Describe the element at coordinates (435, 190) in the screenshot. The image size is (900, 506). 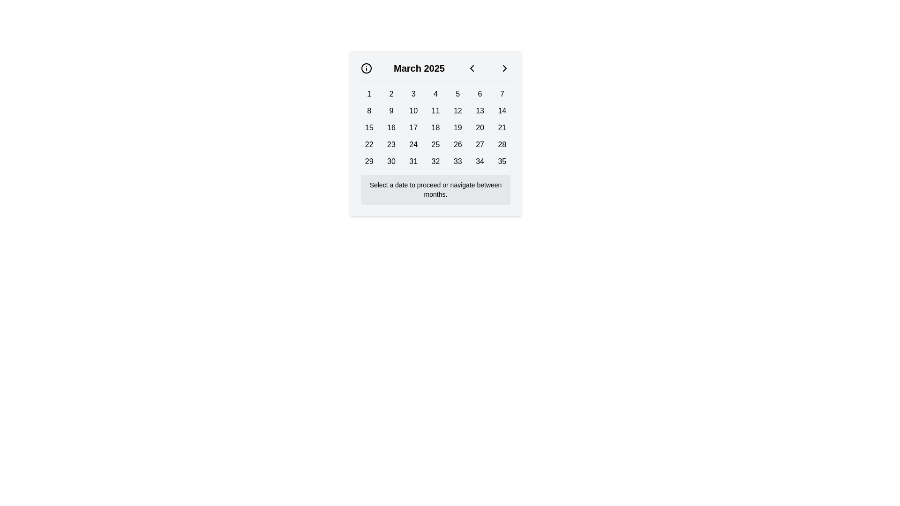
I see `the informational text that instructs users on how to interact with the calendar widget, located below the numerical grid of the calendar dates` at that location.